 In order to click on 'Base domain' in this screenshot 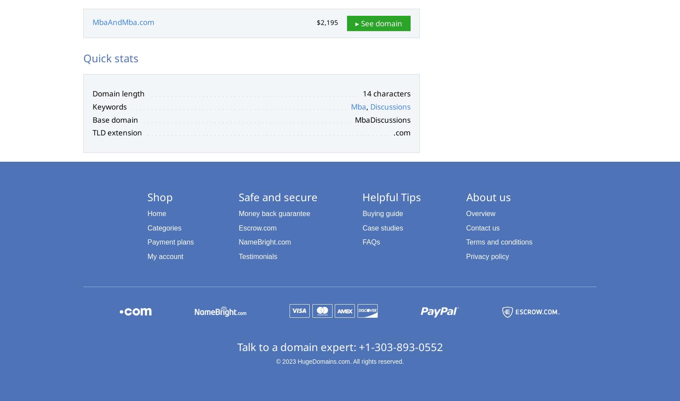, I will do `click(115, 119)`.